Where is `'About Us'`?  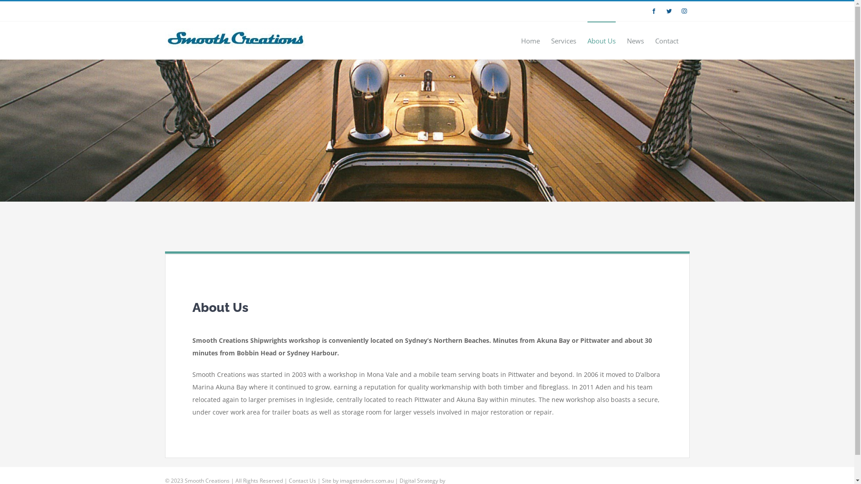
'About Us' is located at coordinates (601, 39).